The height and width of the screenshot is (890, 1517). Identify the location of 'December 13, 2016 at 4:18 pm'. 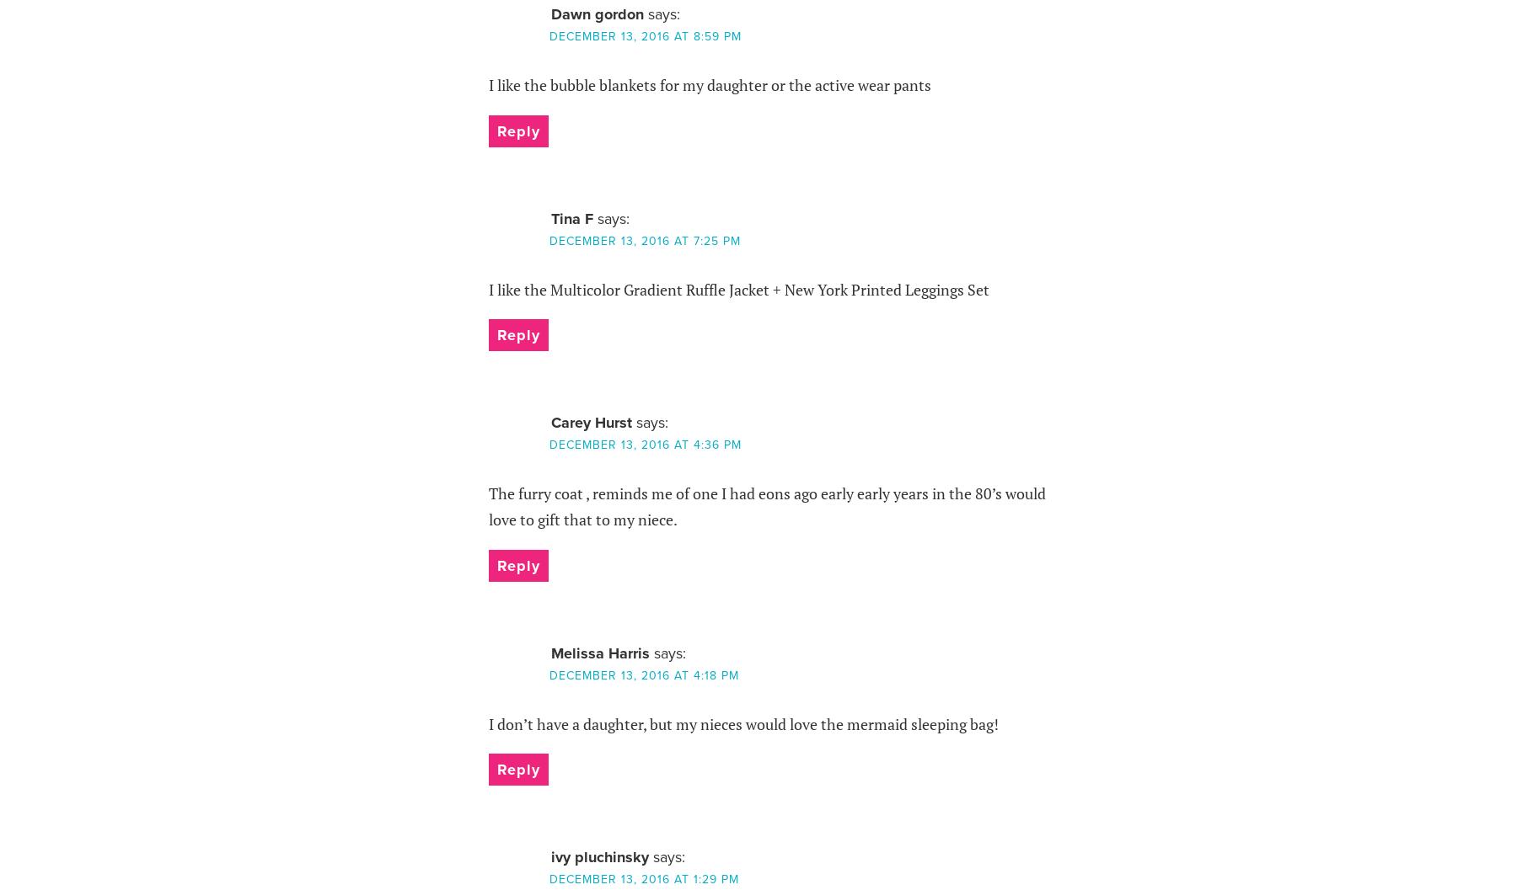
(549, 674).